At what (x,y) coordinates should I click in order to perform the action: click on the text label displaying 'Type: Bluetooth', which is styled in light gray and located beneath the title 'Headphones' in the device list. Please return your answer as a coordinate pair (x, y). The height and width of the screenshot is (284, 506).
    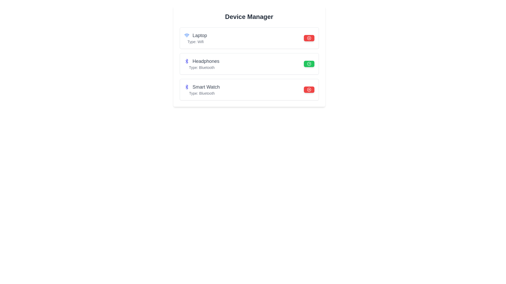
    Looking at the image, I should click on (201, 67).